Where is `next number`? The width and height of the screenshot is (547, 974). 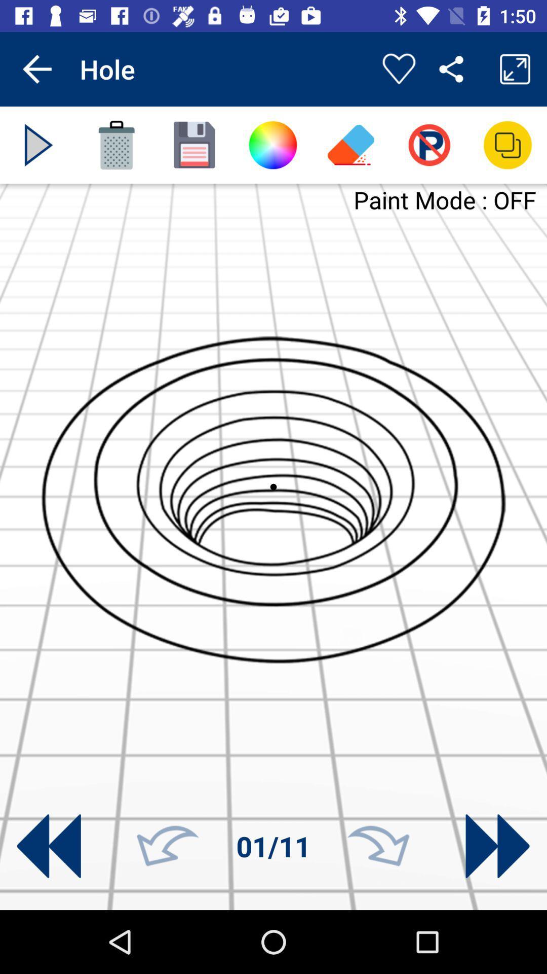 next number is located at coordinates (378, 846).